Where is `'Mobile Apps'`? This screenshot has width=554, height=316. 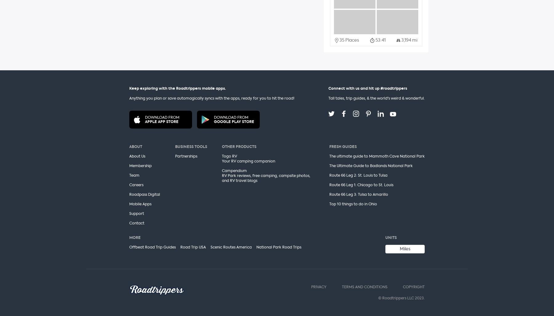
'Mobile Apps' is located at coordinates (140, 204).